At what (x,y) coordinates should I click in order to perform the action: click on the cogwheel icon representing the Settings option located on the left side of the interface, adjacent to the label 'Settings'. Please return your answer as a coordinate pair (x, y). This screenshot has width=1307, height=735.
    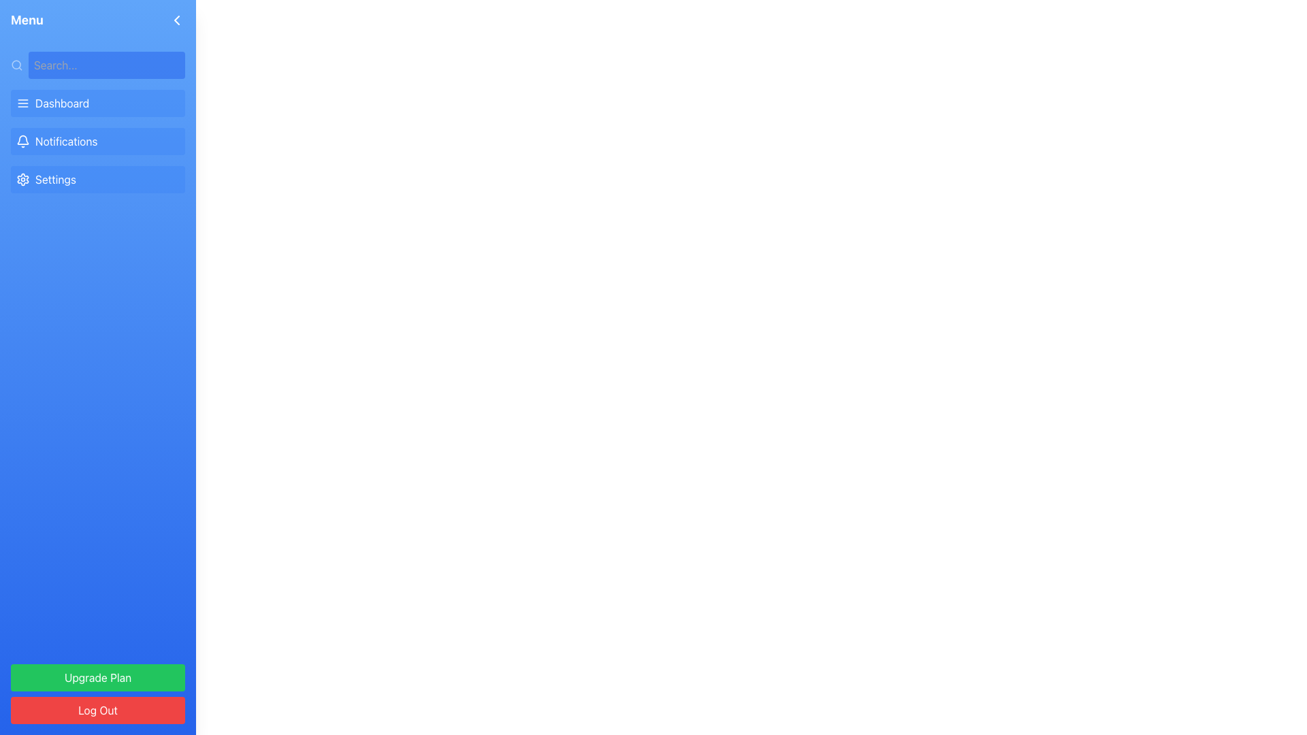
    Looking at the image, I should click on (22, 178).